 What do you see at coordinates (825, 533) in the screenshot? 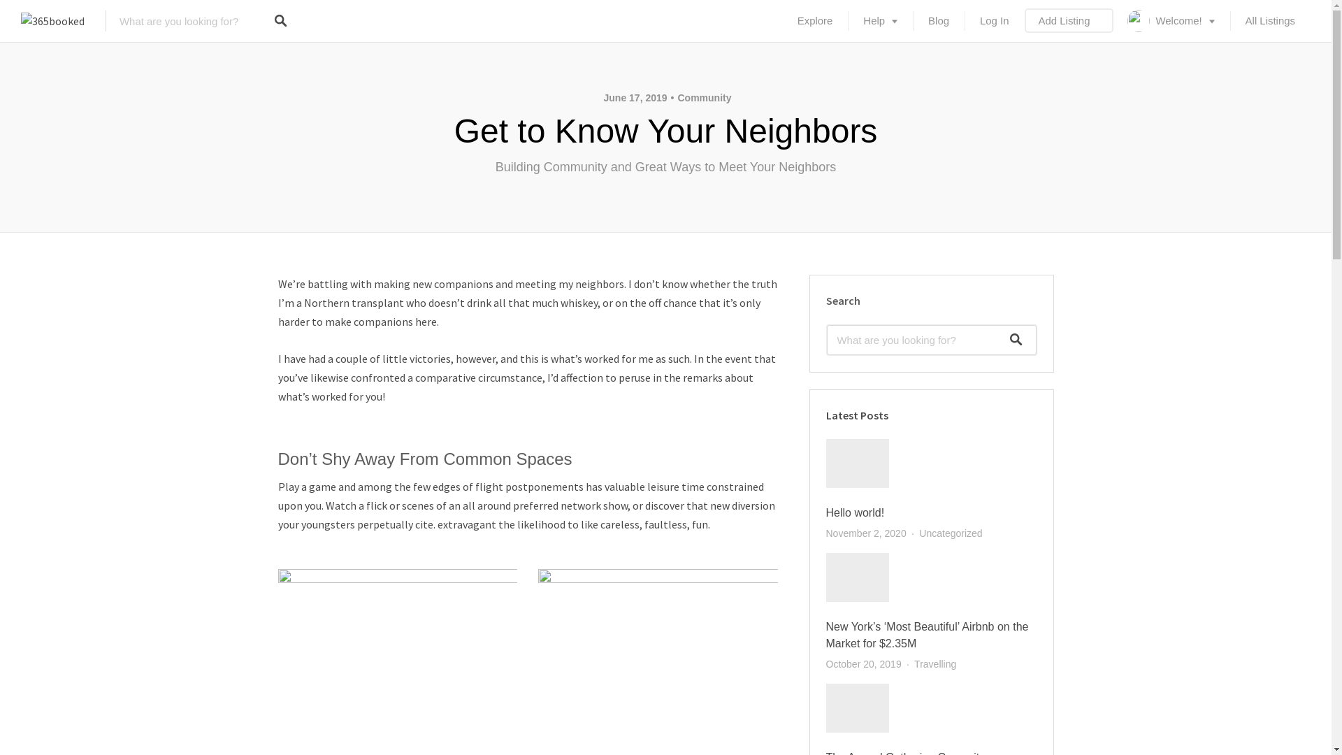
I see `'November 2, 2020'` at bounding box center [825, 533].